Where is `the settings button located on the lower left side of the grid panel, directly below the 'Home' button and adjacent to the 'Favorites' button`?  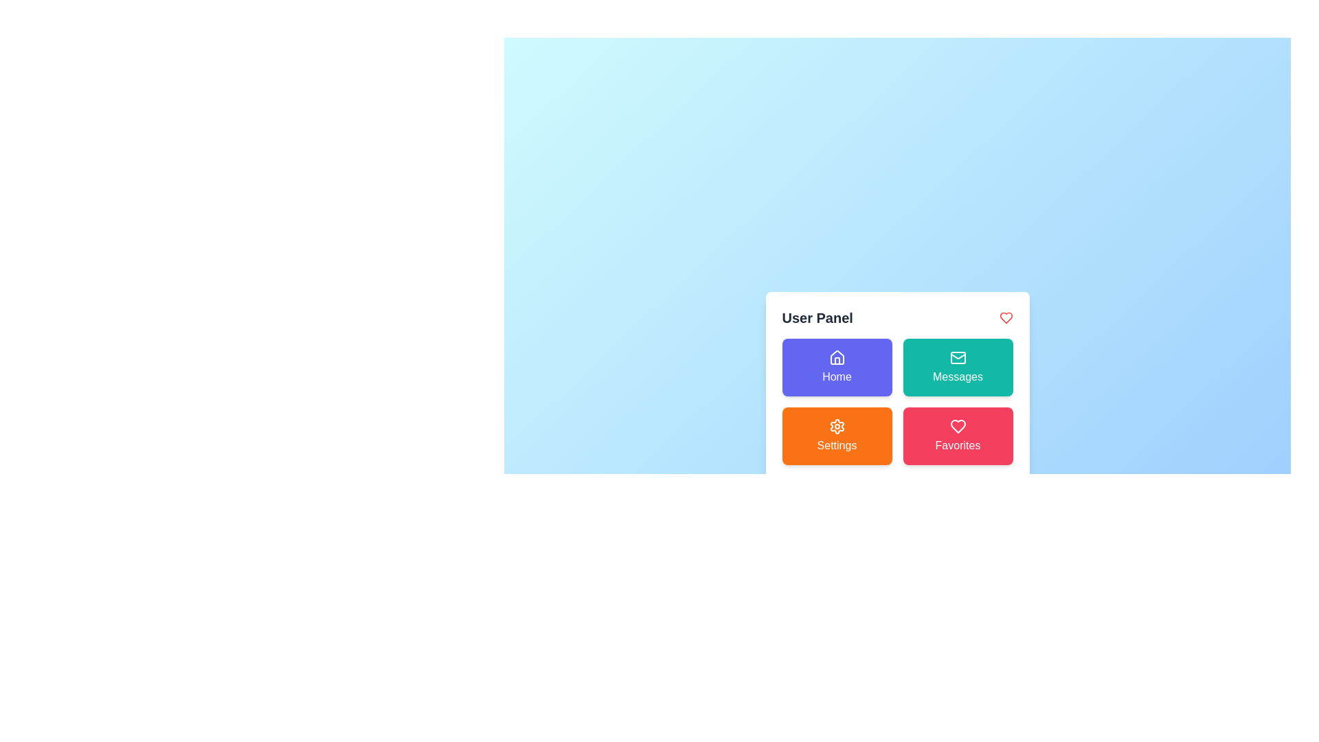 the settings button located on the lower left side of the grid panel, directly below the 'Home' button and adjacent to the 'Favorites' button is located at coordinates (836, 436).